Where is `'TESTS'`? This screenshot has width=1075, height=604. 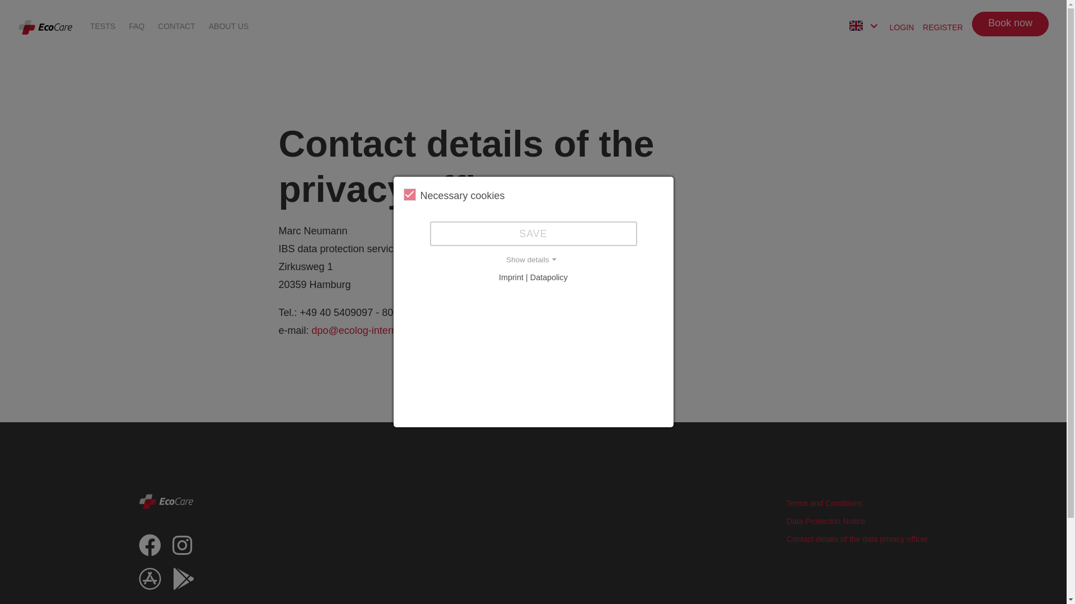 'TESTS' is located at coordinates (102, 25).